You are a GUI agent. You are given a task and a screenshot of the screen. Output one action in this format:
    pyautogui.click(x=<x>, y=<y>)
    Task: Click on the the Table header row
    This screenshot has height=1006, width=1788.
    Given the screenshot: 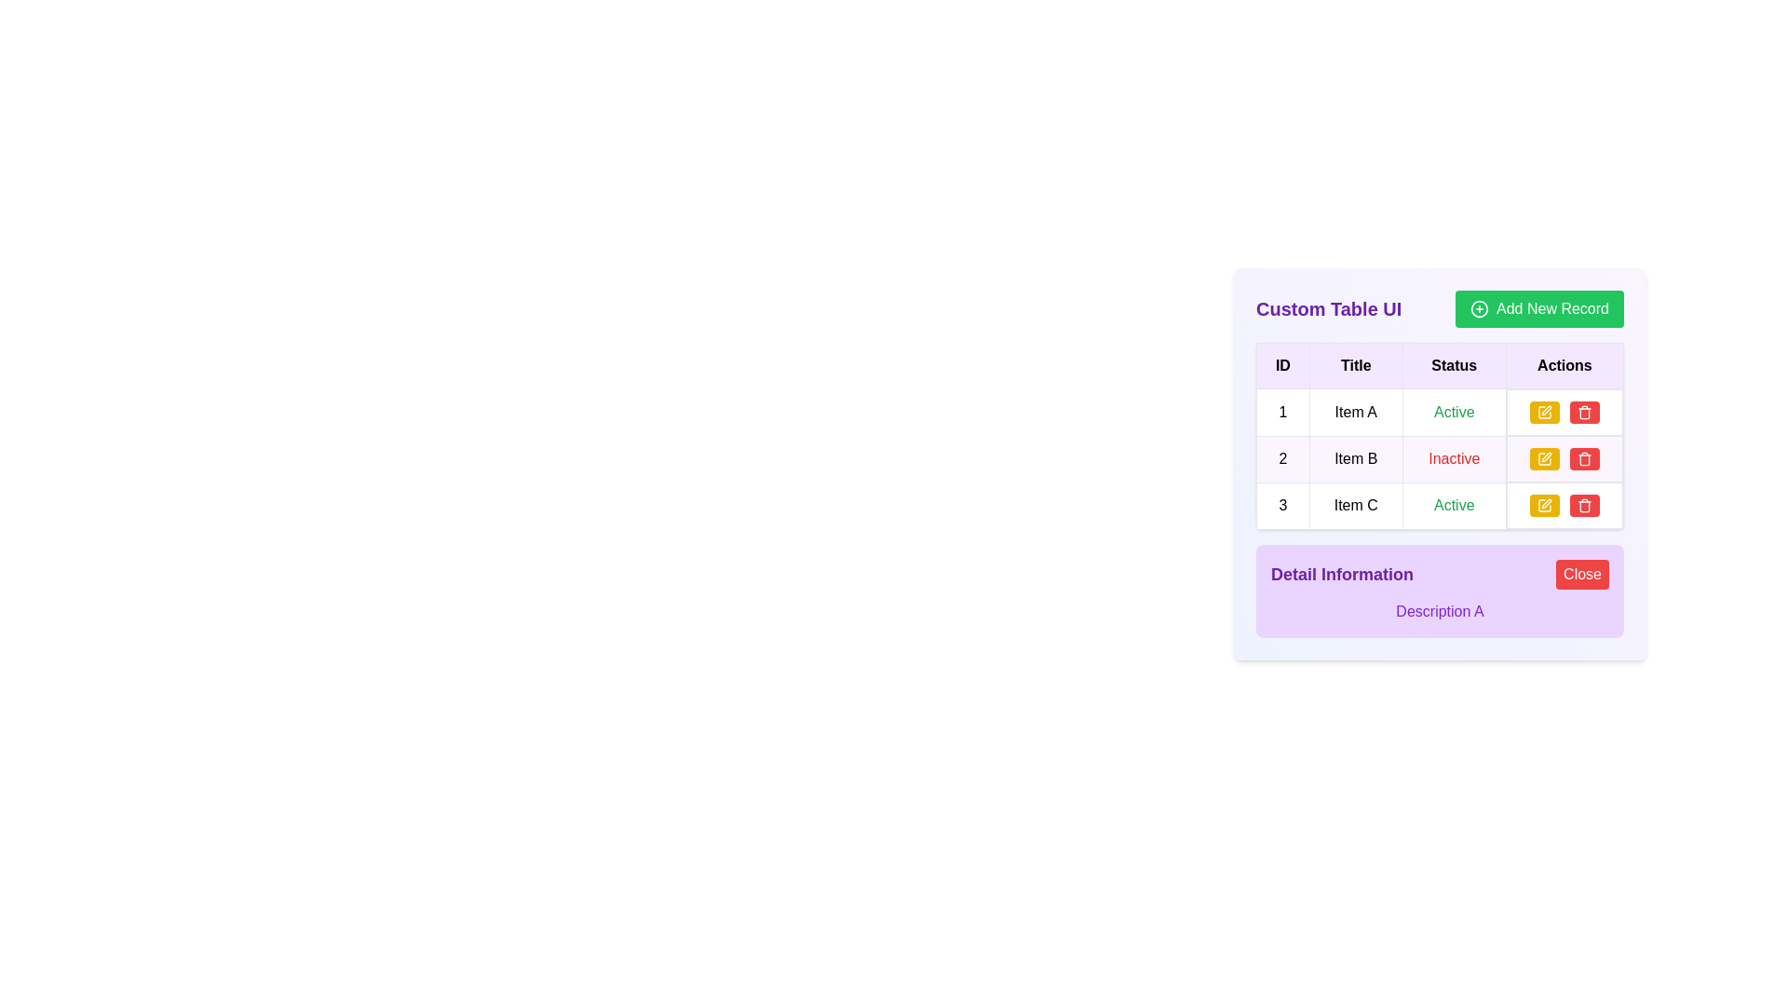 What is the action you would take?
    pyautogui.click(x=1439, y=366)
    